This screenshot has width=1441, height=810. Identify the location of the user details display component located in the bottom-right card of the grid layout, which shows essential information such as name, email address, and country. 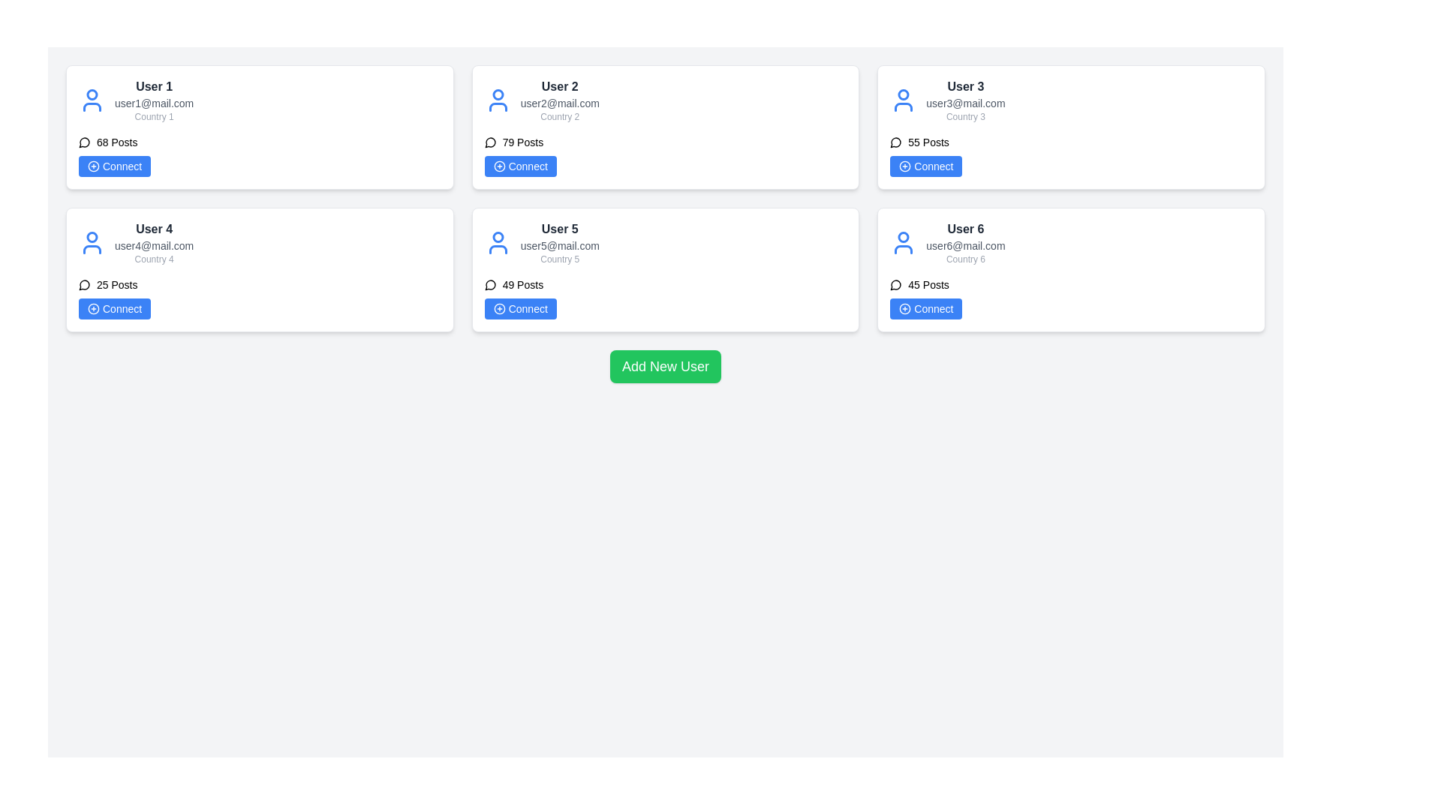
(965, 242).